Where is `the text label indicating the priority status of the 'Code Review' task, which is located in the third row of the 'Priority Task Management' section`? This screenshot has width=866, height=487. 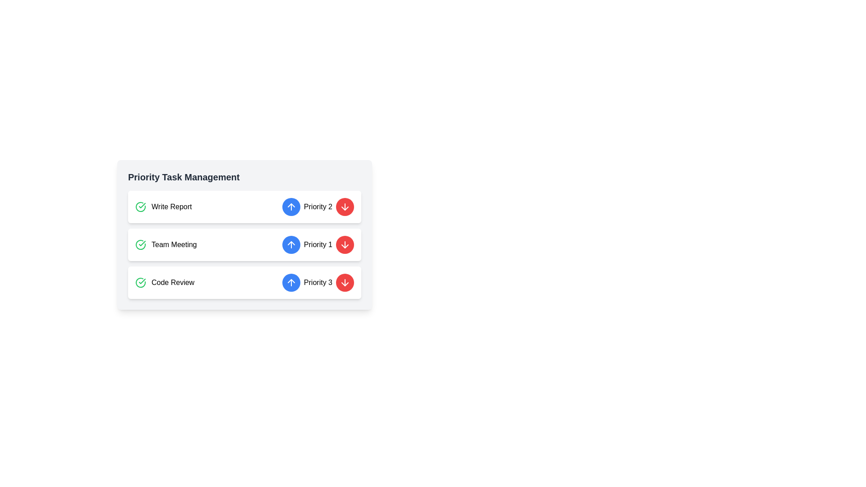
the text label indicating the priority status of the 'Code Review' task, which is located in the third row of the 'Priority Task Management' section is located at coordinates (318, 282).